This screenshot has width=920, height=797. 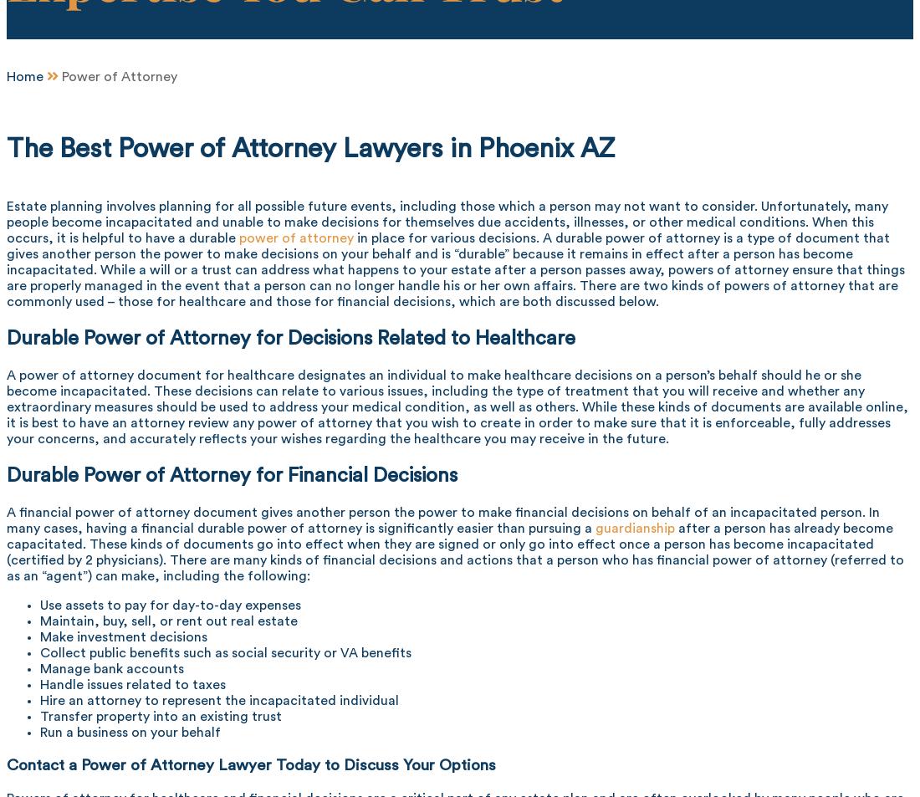 What do you see at coordinates (291, 336) in the screenshot?
I see `'Durable Power of Attorney for Decisions Related to Healthcare'` at bounding box center [291, 336].